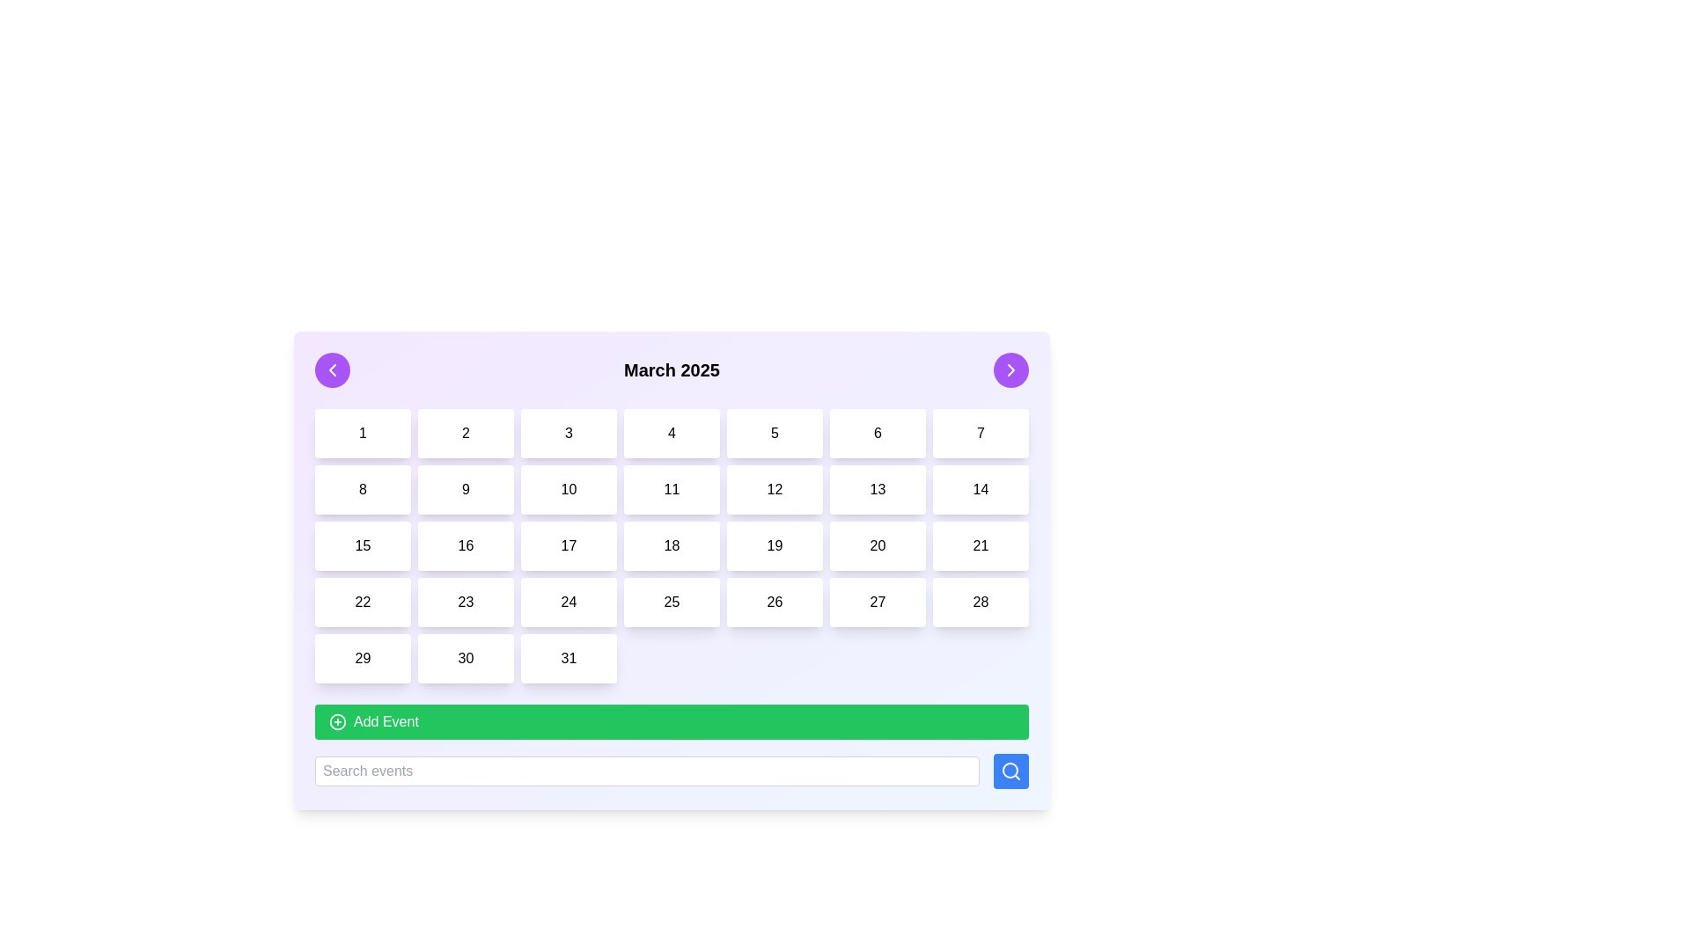 The height and width of the screenshot is (950, 1690). Describe the element at coordinates (980, 602) in the screenshot. I see `from the center of the calendar day cell containing the text '28'` at that location.